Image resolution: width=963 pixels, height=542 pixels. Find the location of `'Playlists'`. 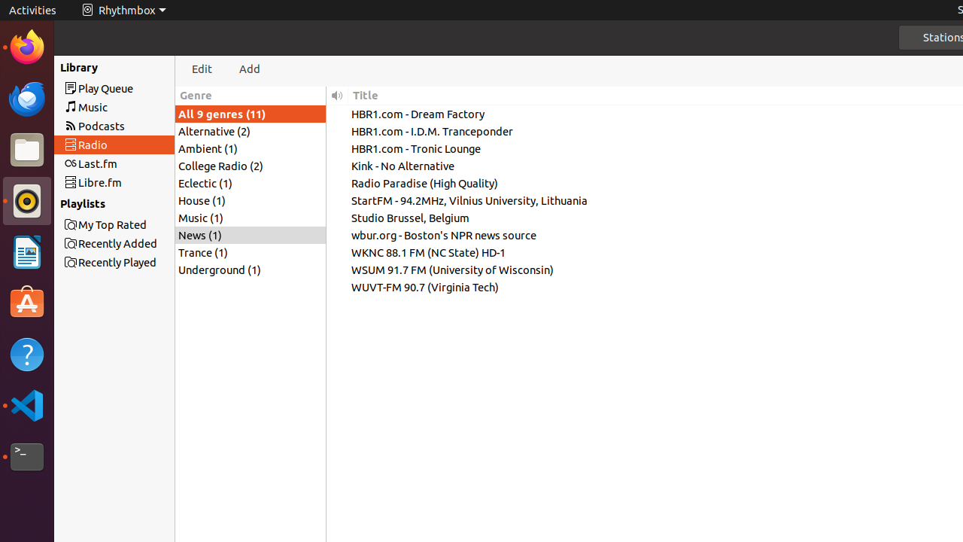

'Playlists' is located at coordinates (69, 203).